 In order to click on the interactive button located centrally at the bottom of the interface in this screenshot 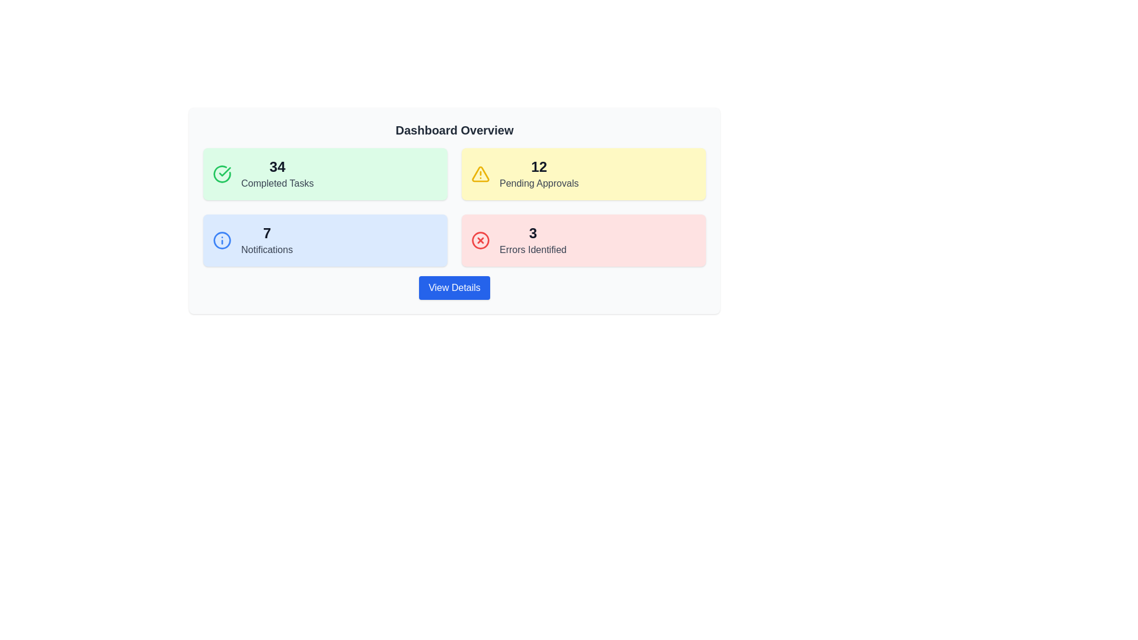, I will do `click(454, 288)`.